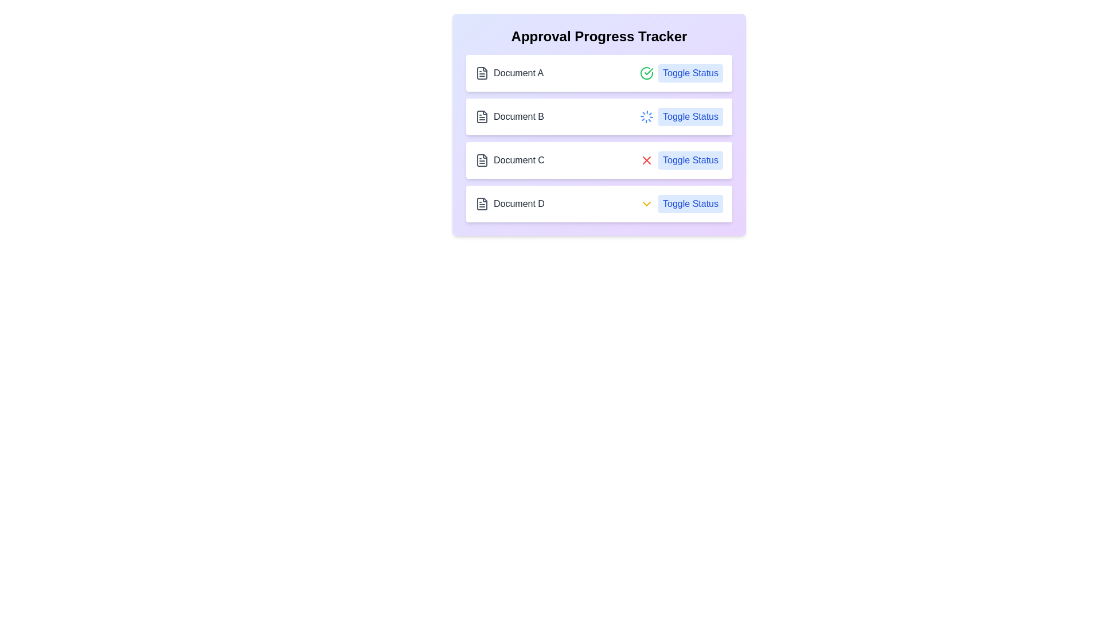  What do you see at coordinates (518, 117) in the screenshot?
I see `the text label 'Document B' which is the second item in the 'Approval Progress Tracker' list, aligned to the left and colored in dark gray` at bounding box center [518, 117].